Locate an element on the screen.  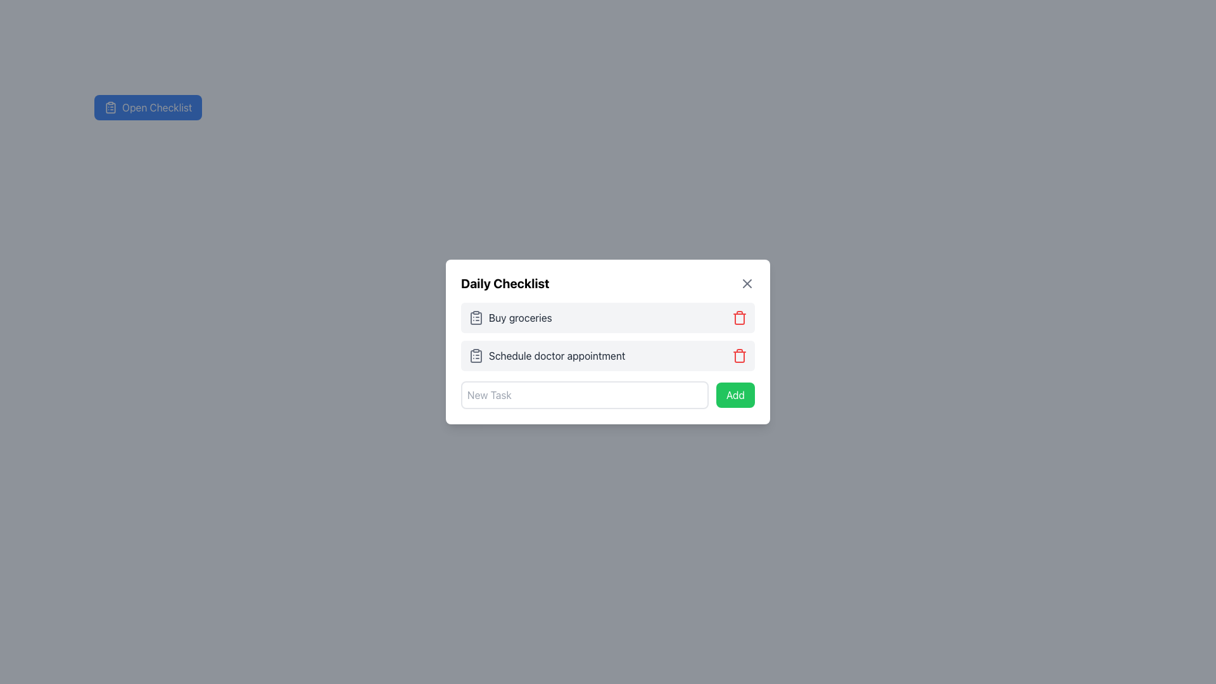
the icon located on the left side of the text inside the blue button labeled 'Open Checklist' is located at coordinates (110, 106).